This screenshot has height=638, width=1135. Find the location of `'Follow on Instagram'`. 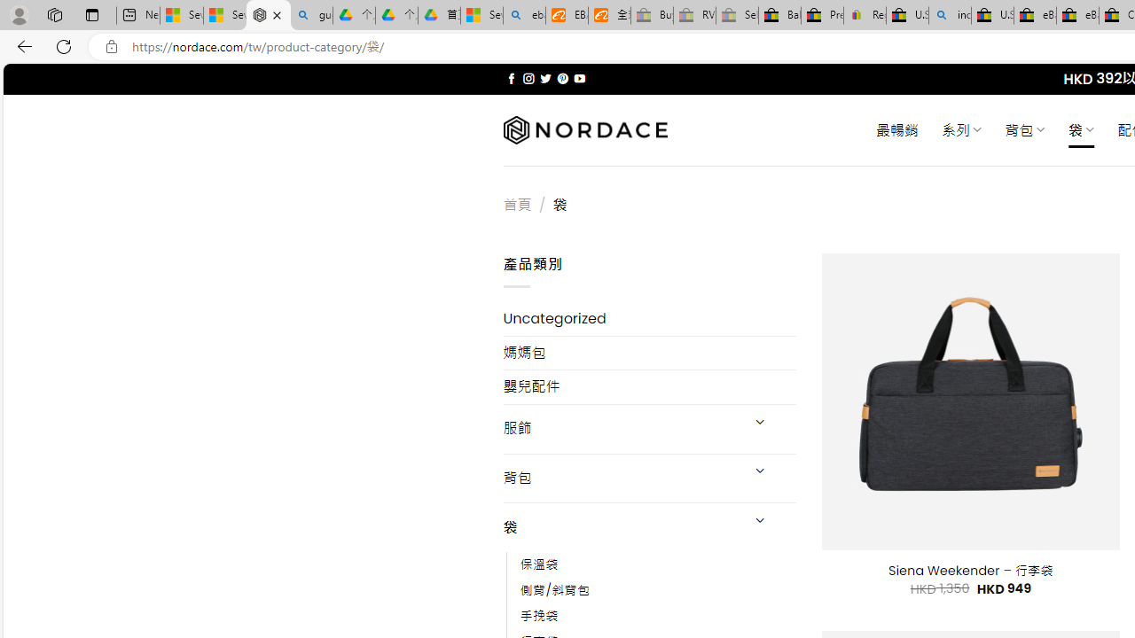

'Follow on Instagram' is located at coordinates (528, 78).